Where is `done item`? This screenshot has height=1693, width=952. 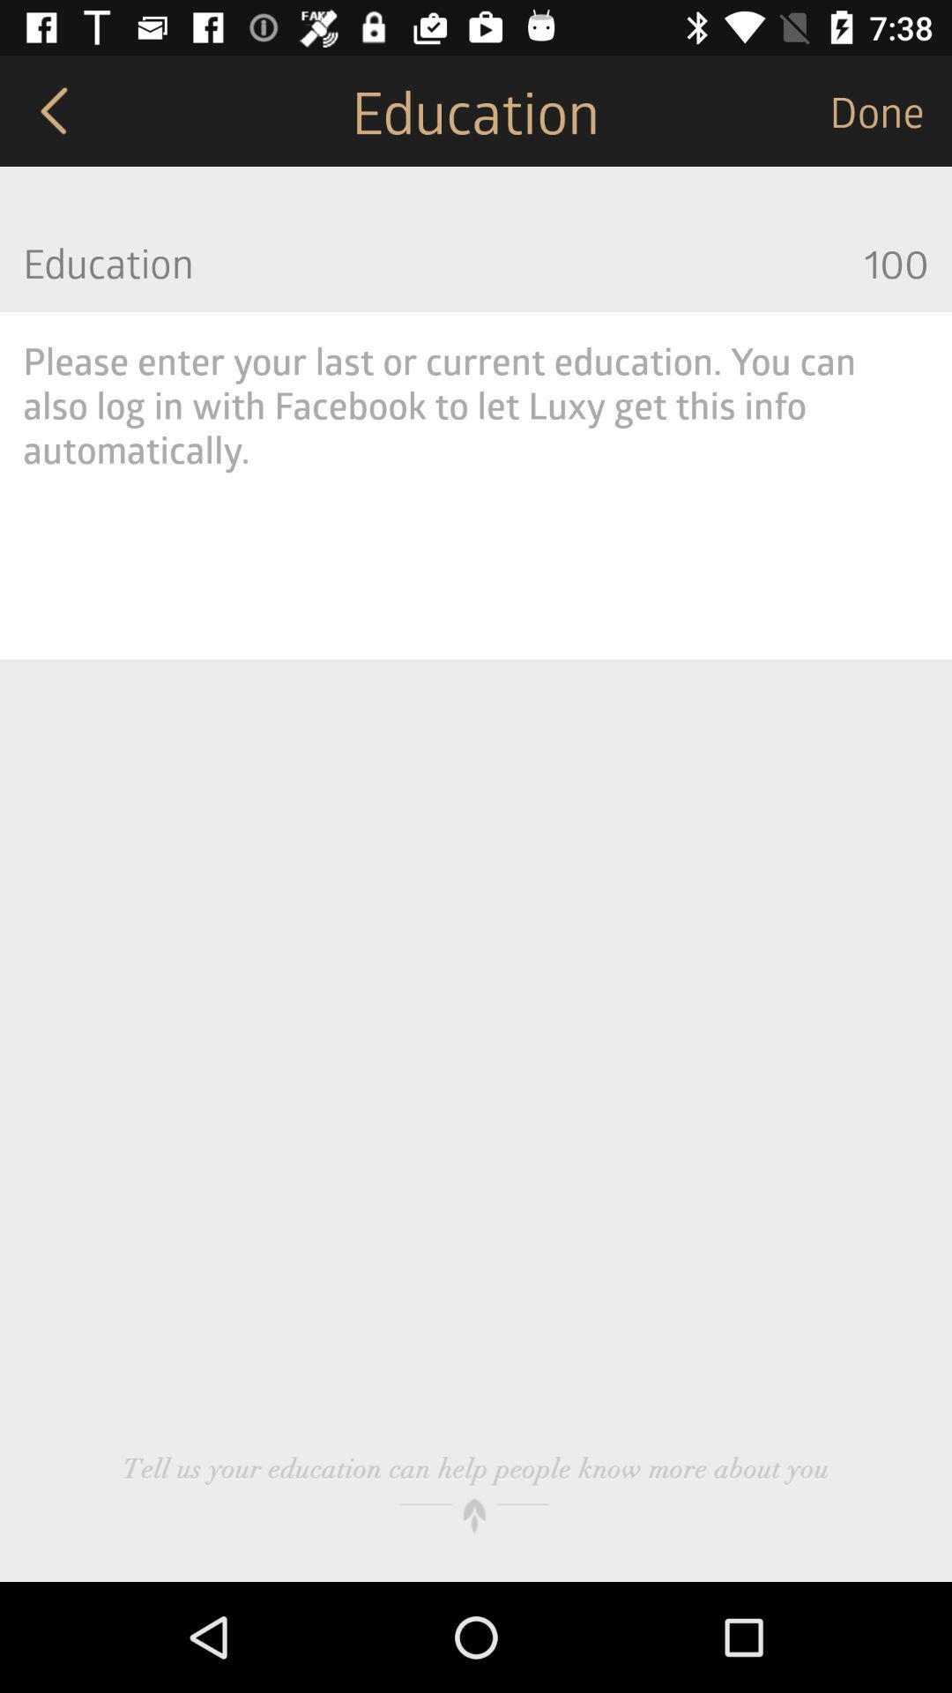 done item is located at coordinates (890, 109).